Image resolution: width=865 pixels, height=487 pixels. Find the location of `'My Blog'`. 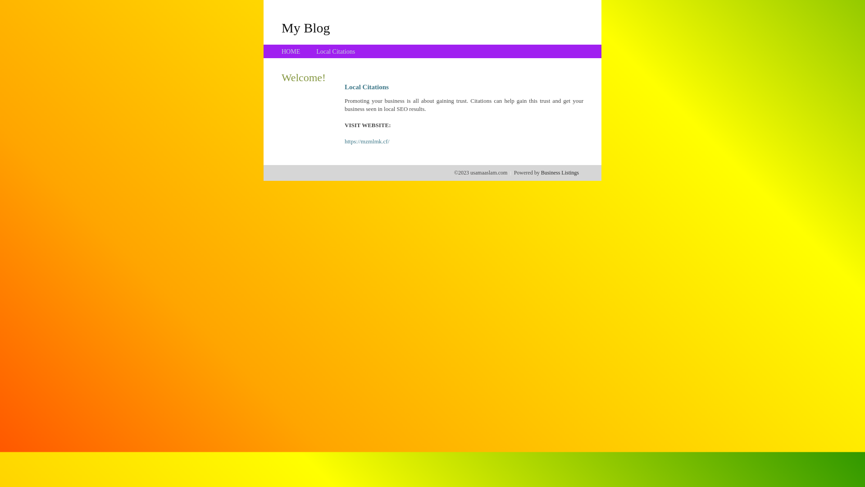

'My Blog' is located at coordinates (305, 27).